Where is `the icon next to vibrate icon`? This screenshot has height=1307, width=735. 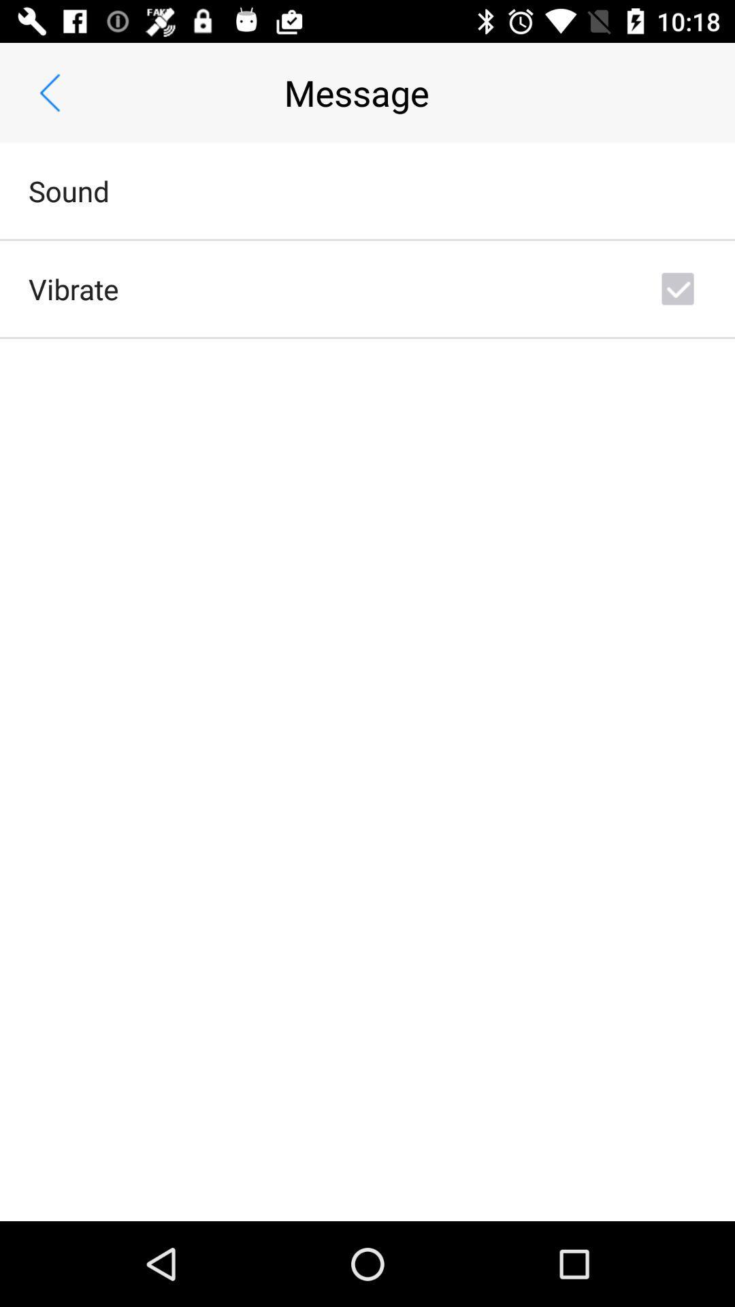 the icon next to vibrate icon is located at coordinates (677, 288).